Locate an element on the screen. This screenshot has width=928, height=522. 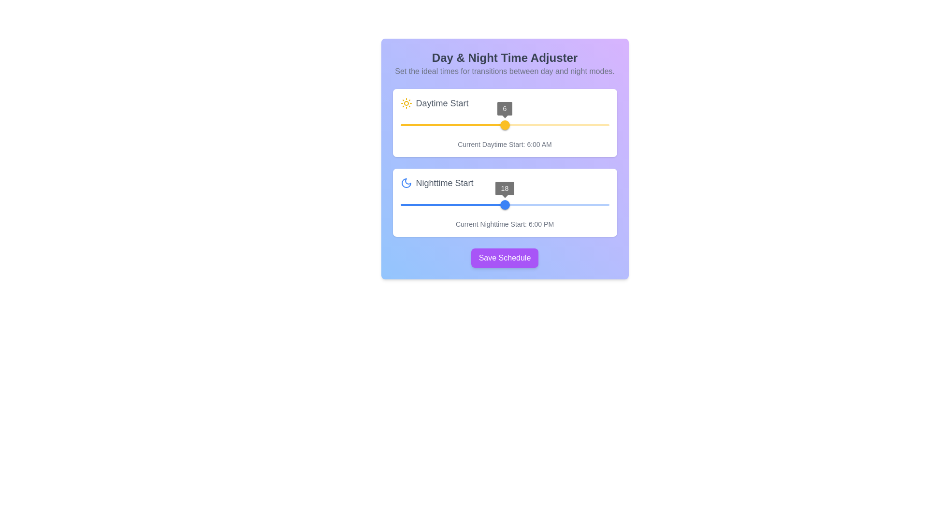
the text label indicating the daytime start configuration setting for reference is located at coordinates (504, 103).